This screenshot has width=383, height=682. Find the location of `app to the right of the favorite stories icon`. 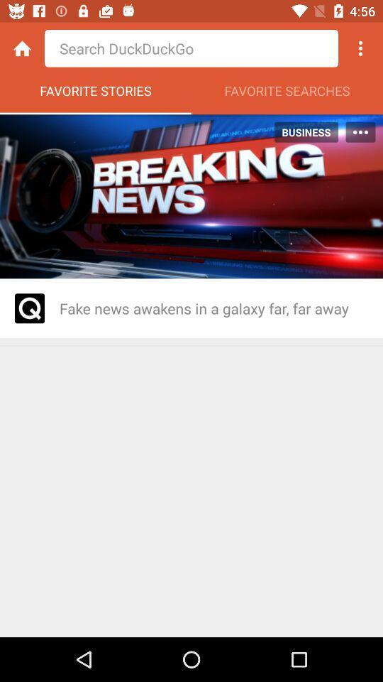

app to the right of the favorite stories icon is located at coordinates (287, 94).